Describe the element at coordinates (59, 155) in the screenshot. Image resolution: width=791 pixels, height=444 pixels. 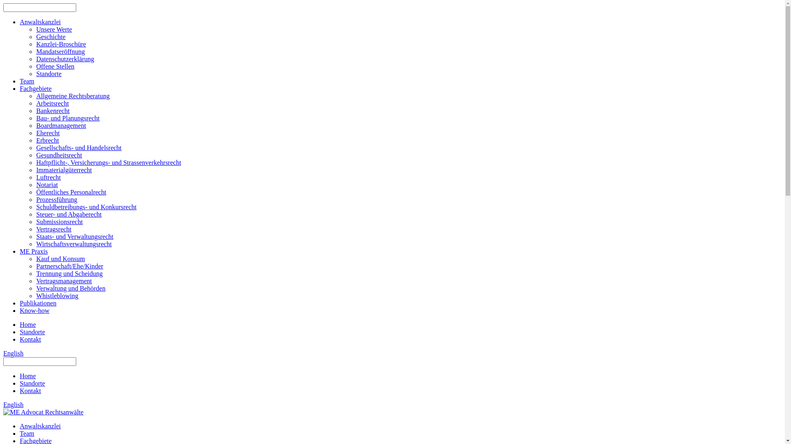
I see `'Gesundheitsrecht'` at that location.